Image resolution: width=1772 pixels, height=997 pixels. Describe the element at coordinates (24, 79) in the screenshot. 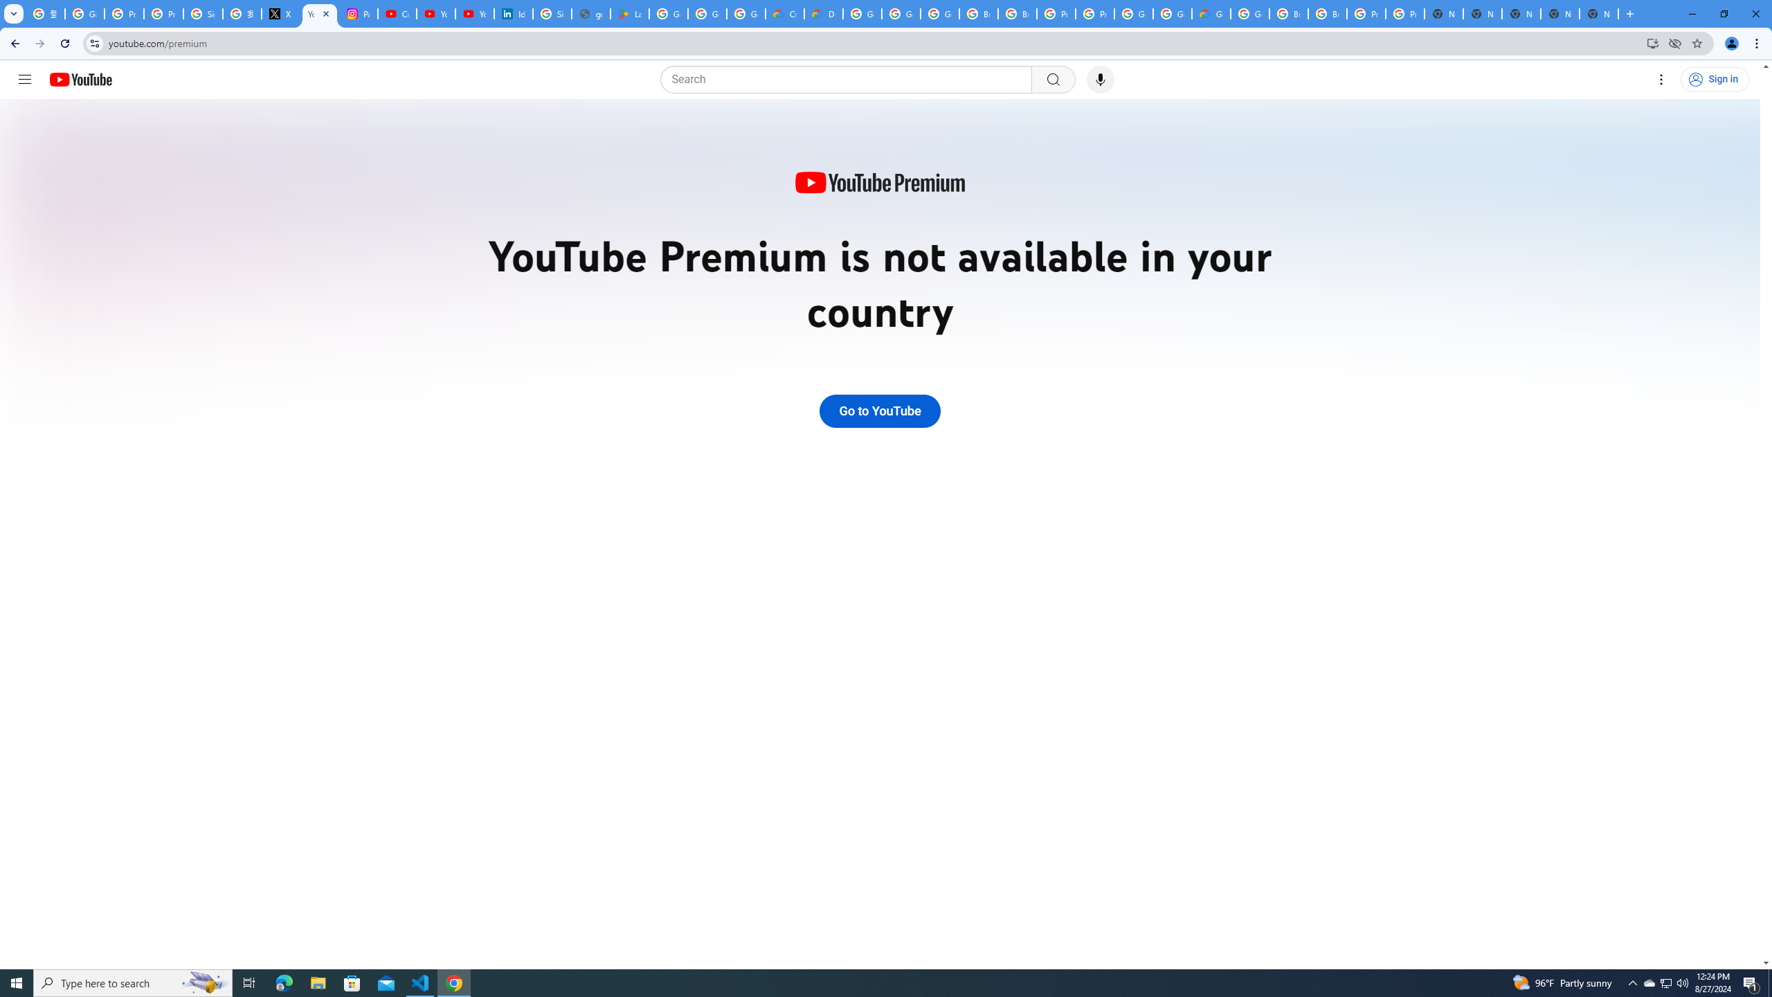

I see `'Guide'` at that location.